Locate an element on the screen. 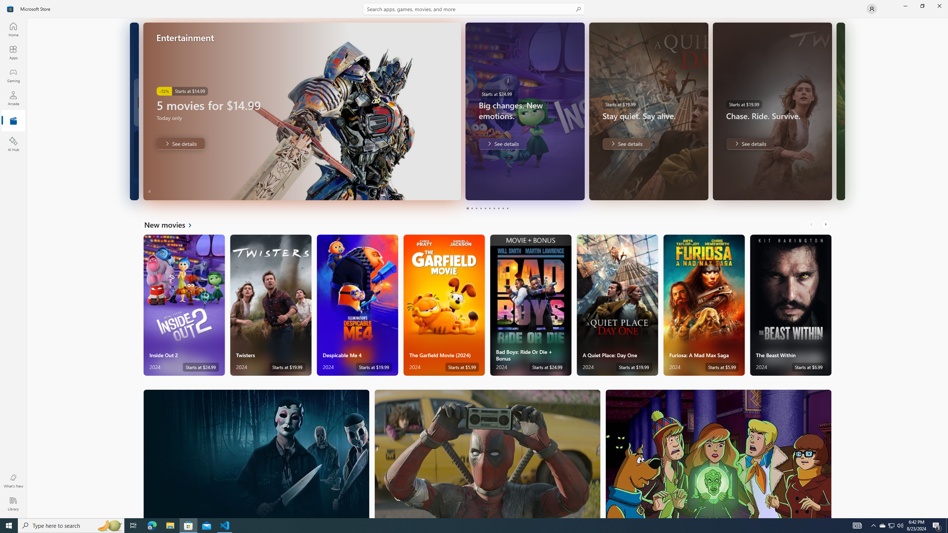  'Page 3' is located at coordinates (476, 208).